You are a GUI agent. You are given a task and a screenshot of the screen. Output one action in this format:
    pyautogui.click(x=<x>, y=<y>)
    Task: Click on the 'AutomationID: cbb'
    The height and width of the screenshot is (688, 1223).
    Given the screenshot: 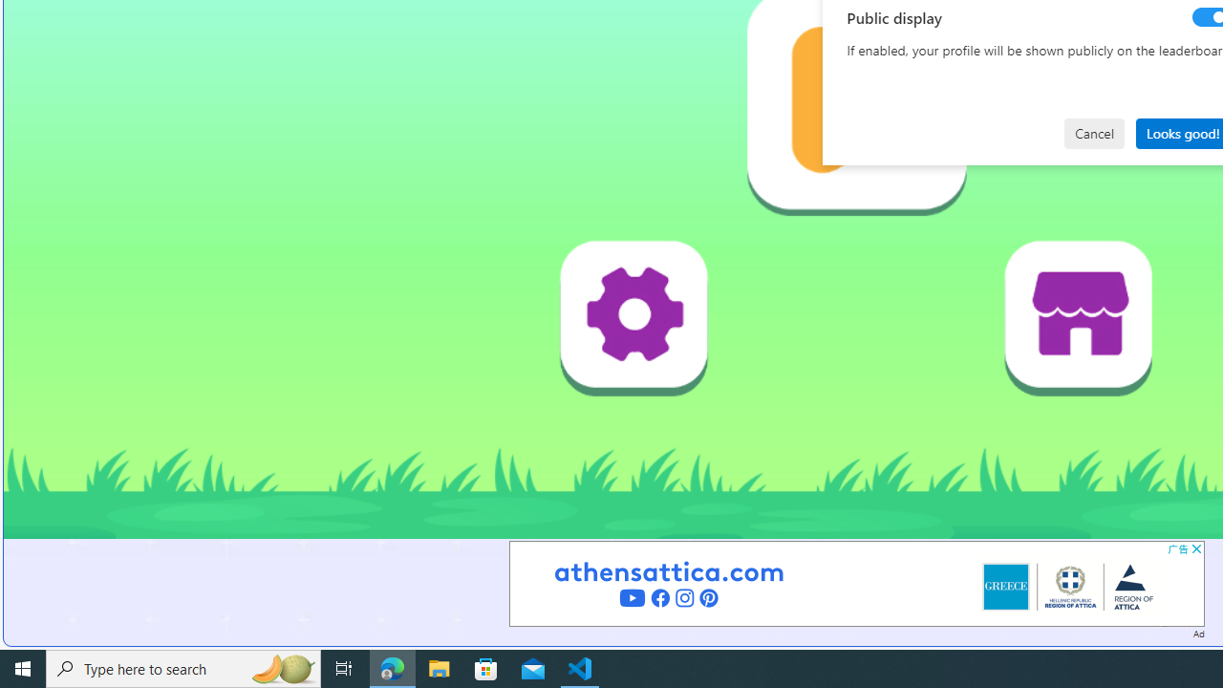 What is the action you would take?
    pyautogui.click(x=1195, y=548)
    